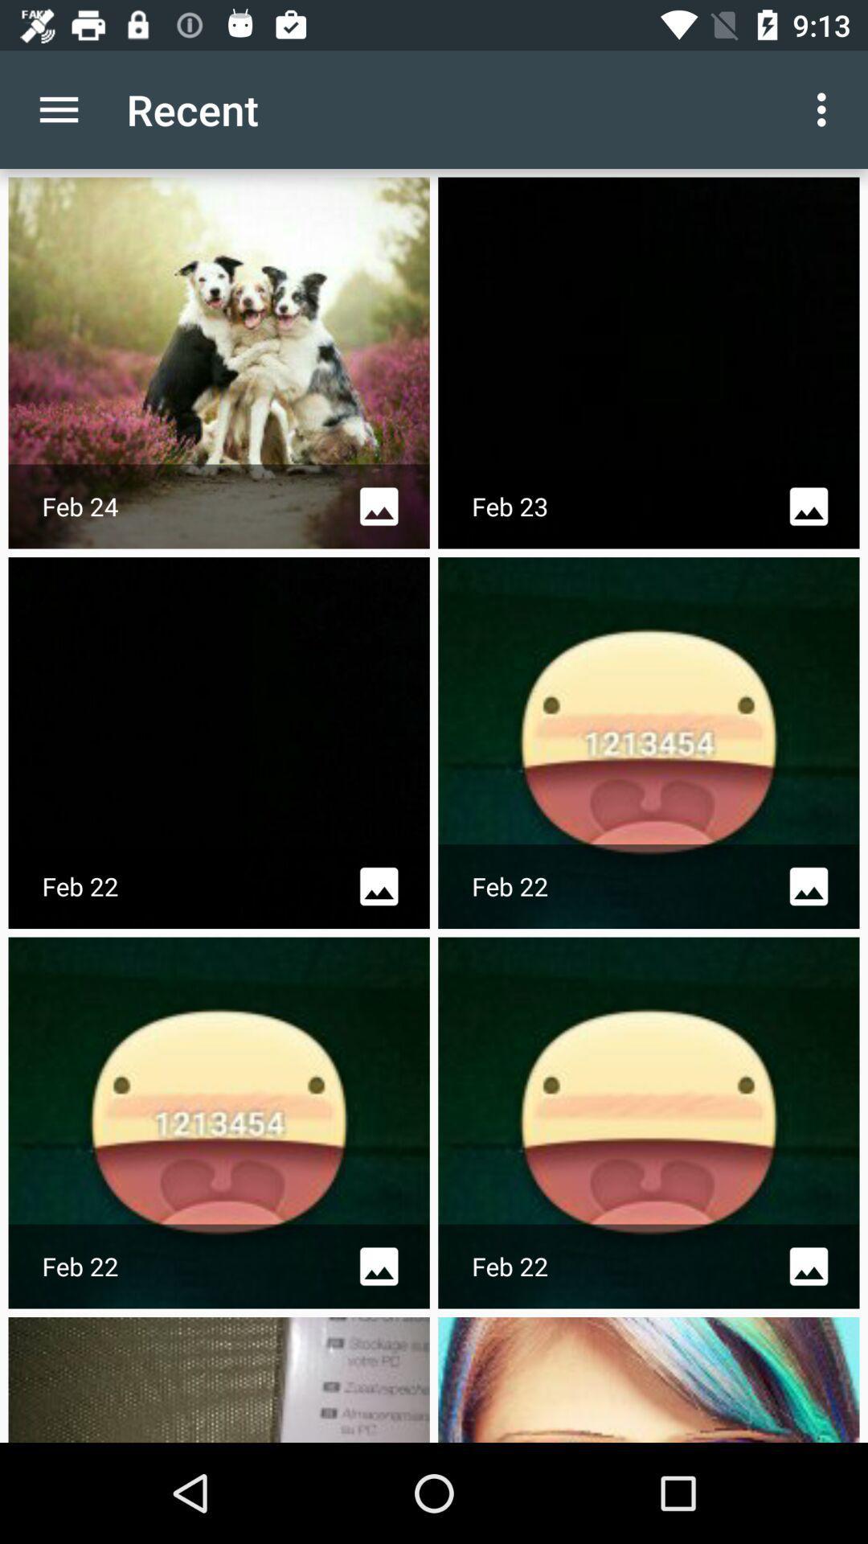 The height and width of the screenshot is (1544, 868). What do you see at coordinates (58, 109) in the screenshot?
I see `the item to the left of the recent app` at bounding box center [58, 109].